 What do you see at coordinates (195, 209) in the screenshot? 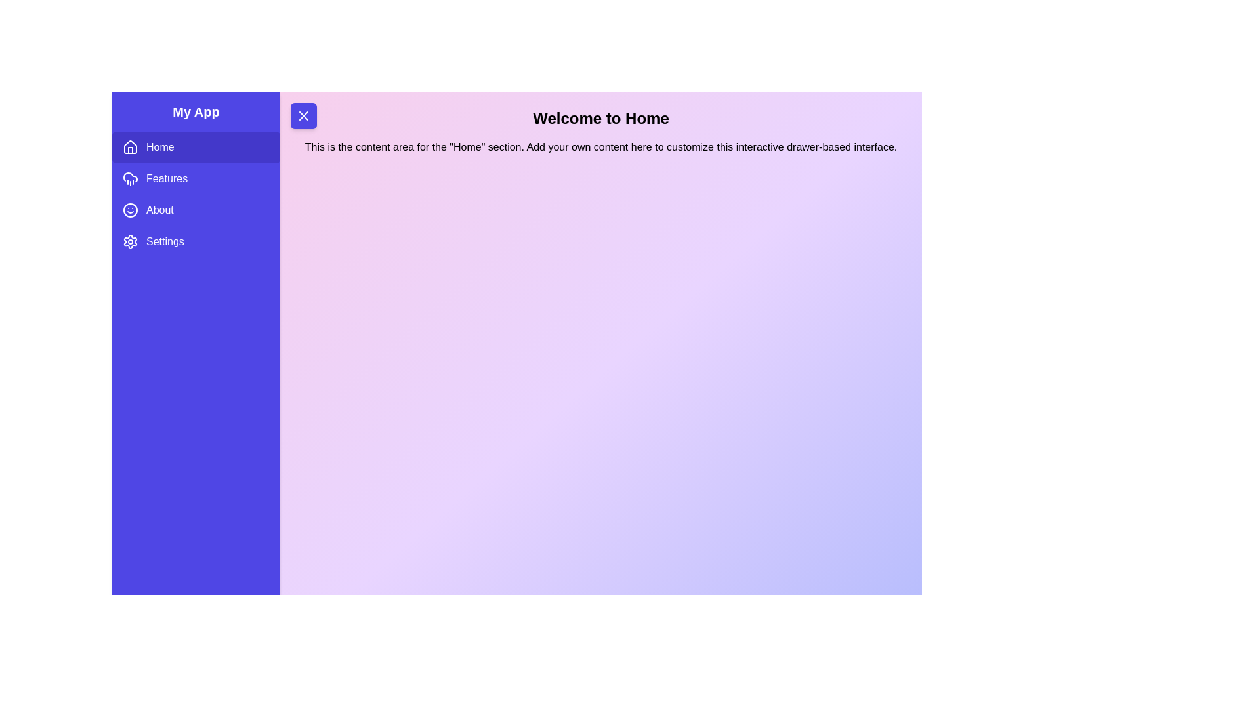
I see `the sidebar item About` at bounding box center [195, 209].